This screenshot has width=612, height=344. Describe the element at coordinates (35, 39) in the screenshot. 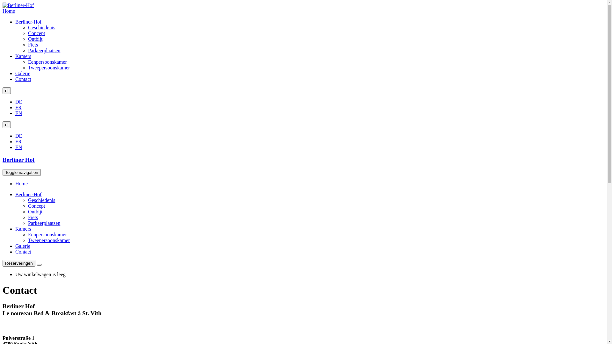

I see `'Ontbijt'` at that location.